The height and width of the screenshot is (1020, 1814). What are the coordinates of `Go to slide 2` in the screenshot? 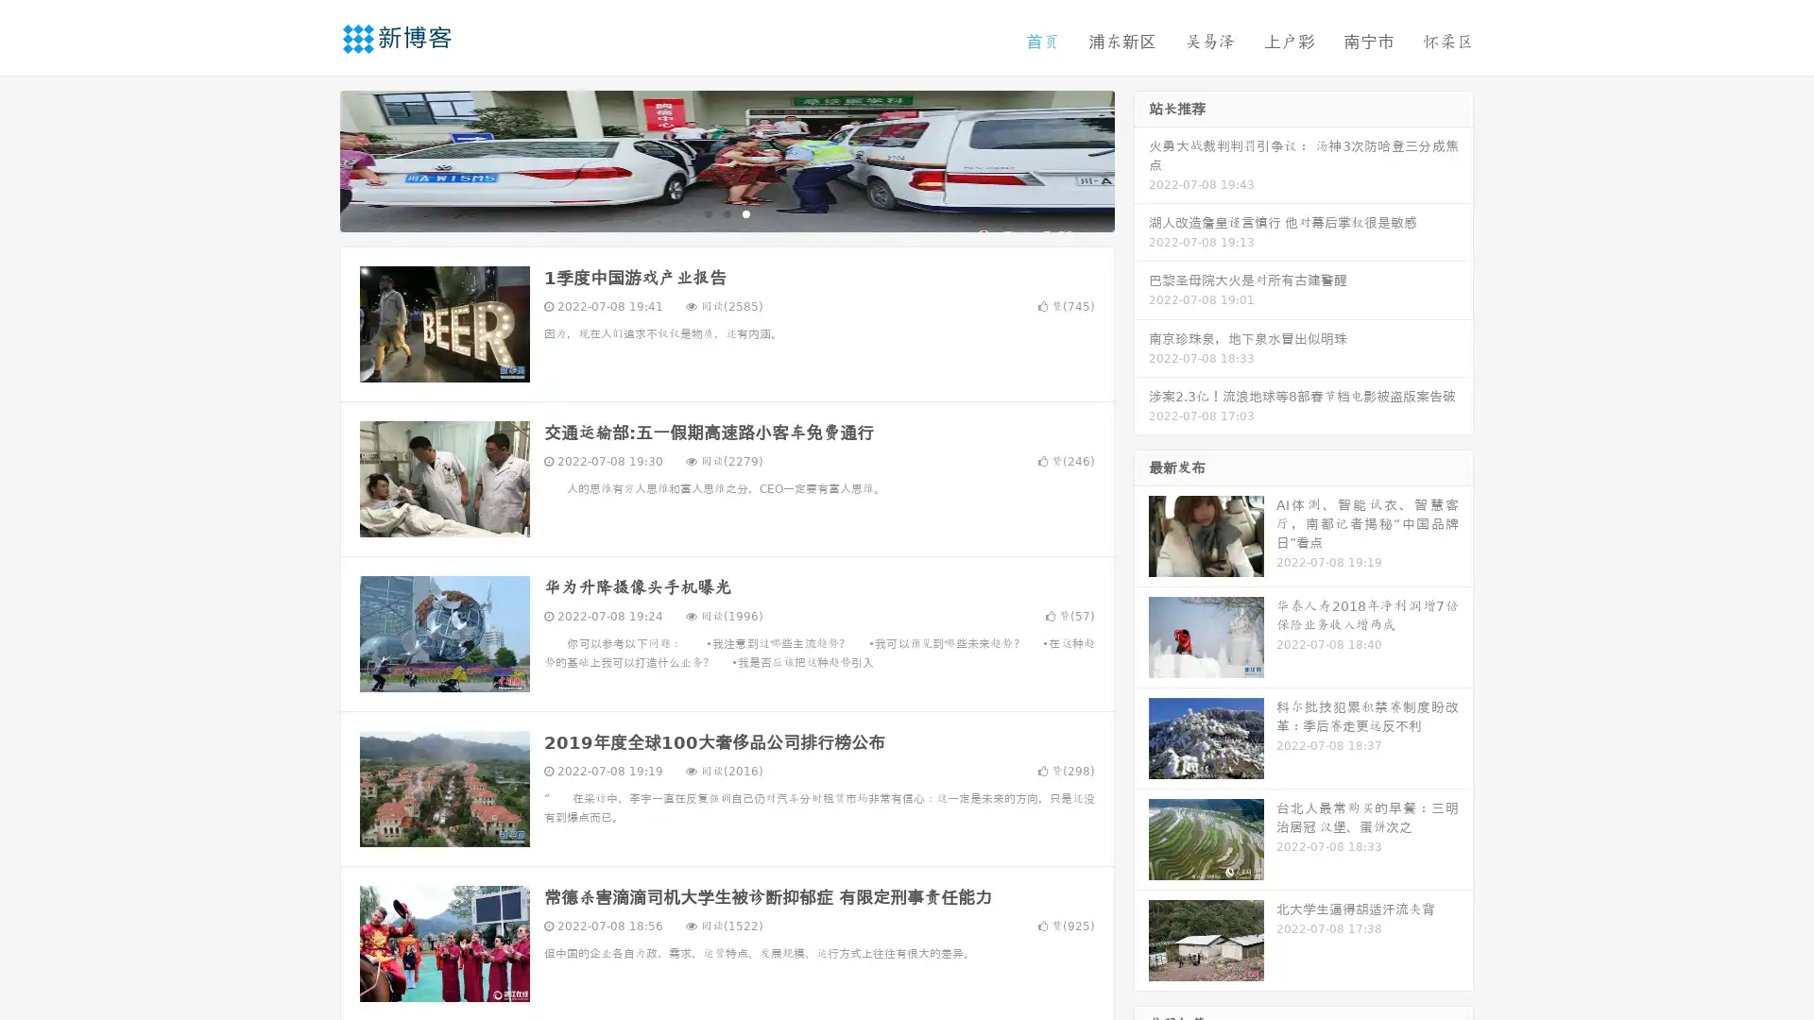 It's located at (726, 212).